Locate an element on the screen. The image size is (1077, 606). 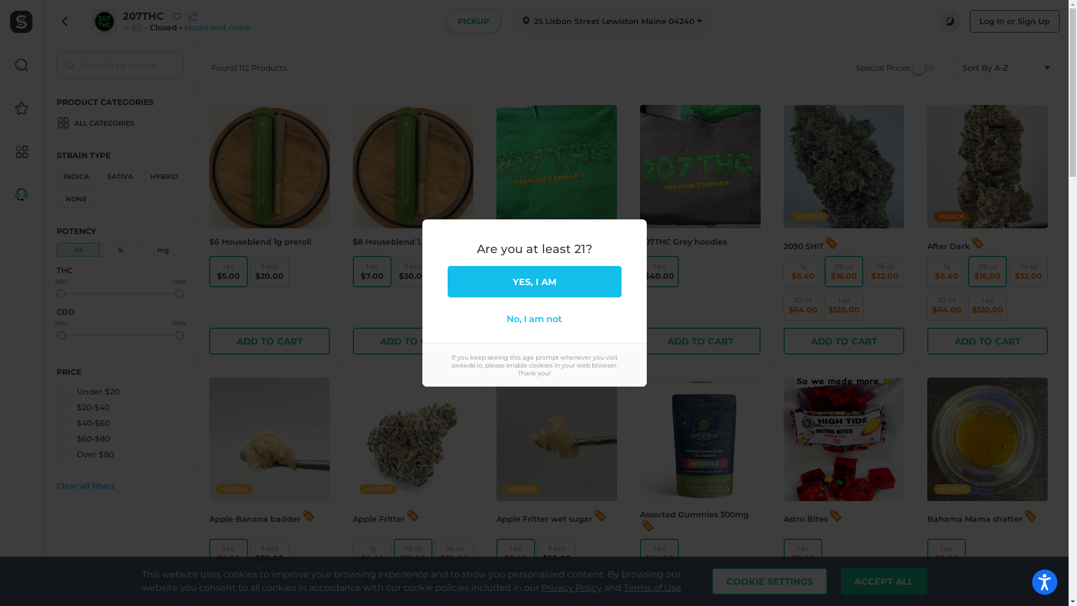
'ACCEPT ALL' is located at coordinates (882, 581).